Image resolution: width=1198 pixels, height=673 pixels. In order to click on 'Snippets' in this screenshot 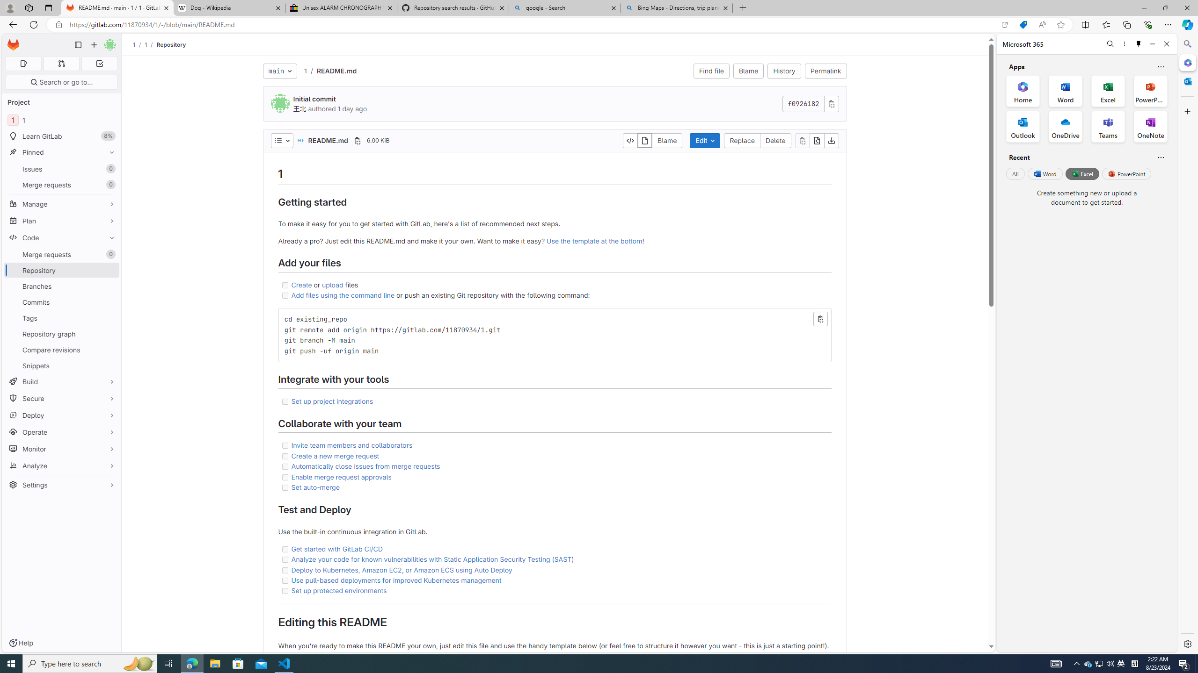, I will do `click(61, 365)`.